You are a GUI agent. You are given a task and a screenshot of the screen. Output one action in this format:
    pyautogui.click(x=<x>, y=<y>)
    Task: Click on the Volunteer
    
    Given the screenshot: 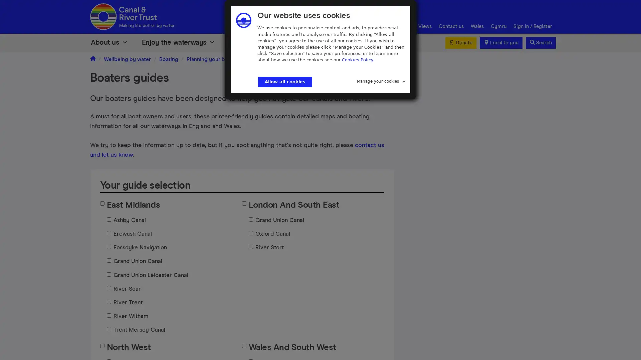 What is the action you would take?
    pyautogui.click(x=249, y=42)
    